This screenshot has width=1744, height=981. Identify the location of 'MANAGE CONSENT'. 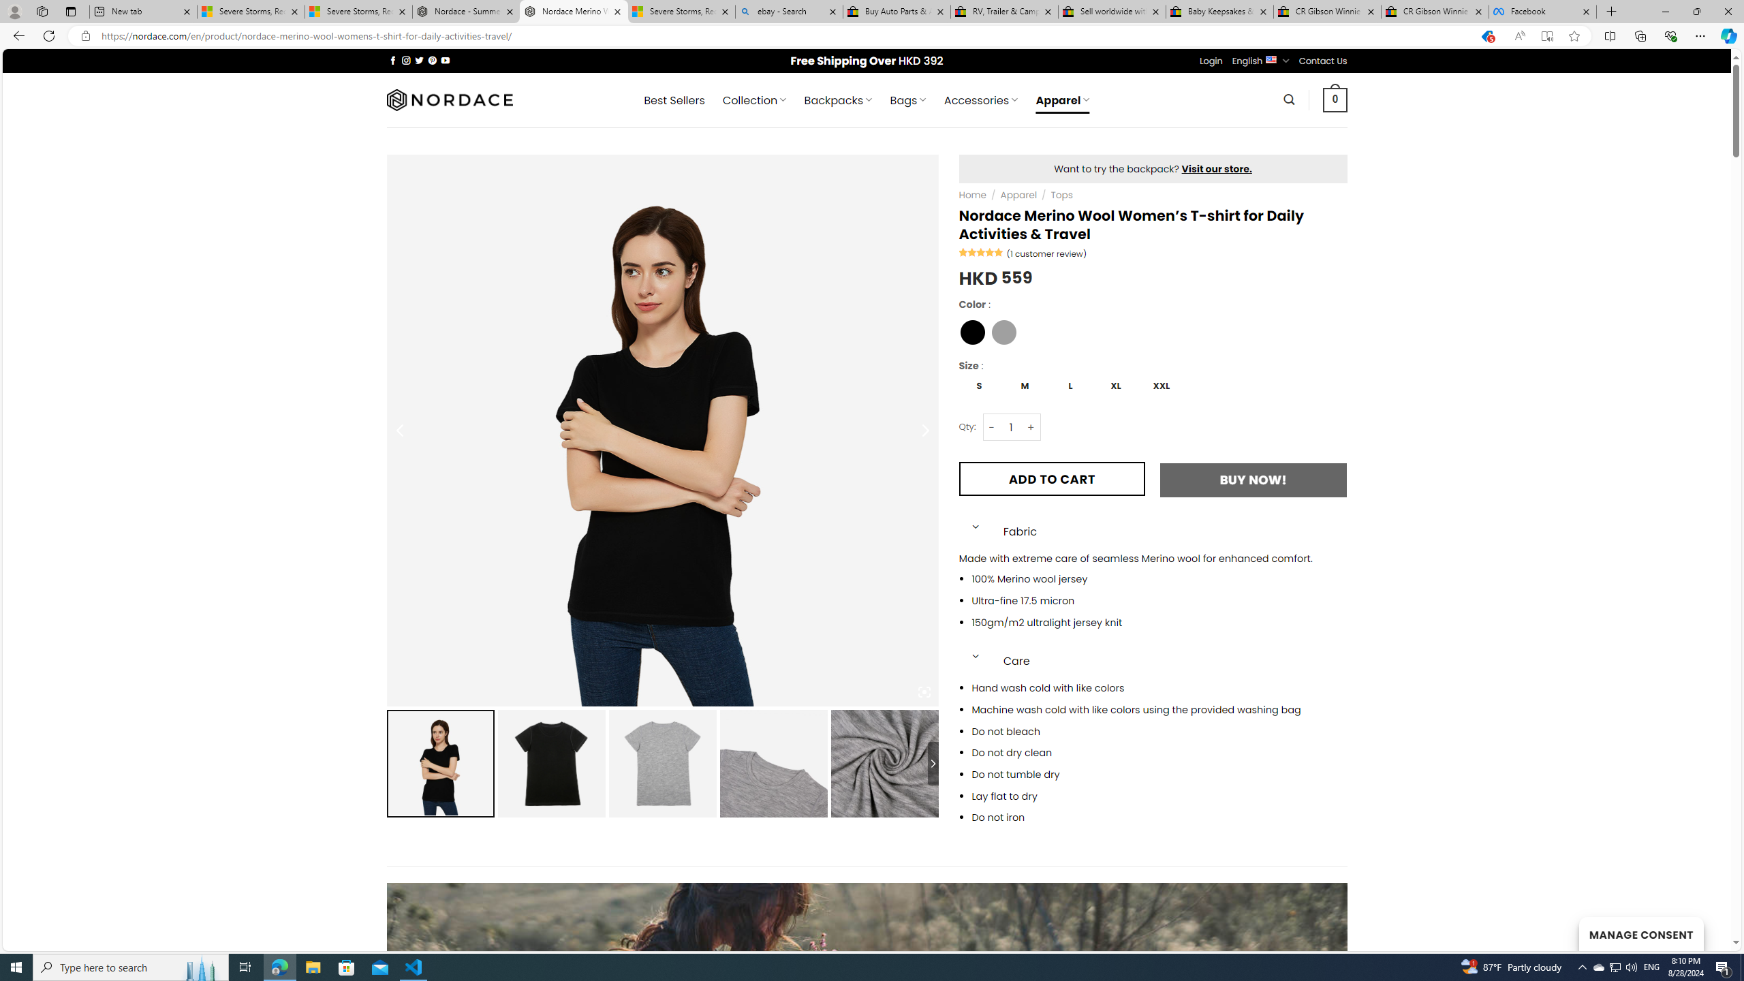
(1640, 933).